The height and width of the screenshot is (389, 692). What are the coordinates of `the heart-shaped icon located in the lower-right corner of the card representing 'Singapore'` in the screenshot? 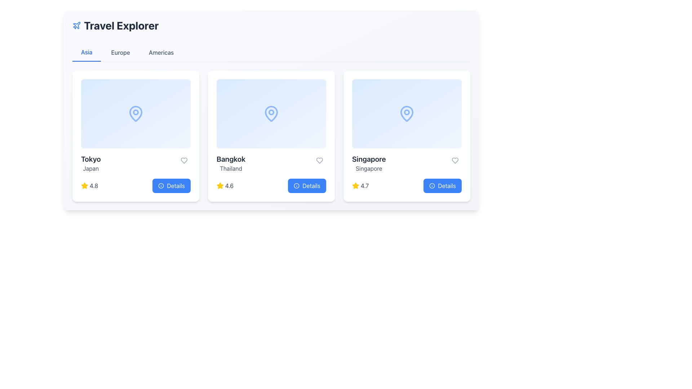 It's located at (454, 160).